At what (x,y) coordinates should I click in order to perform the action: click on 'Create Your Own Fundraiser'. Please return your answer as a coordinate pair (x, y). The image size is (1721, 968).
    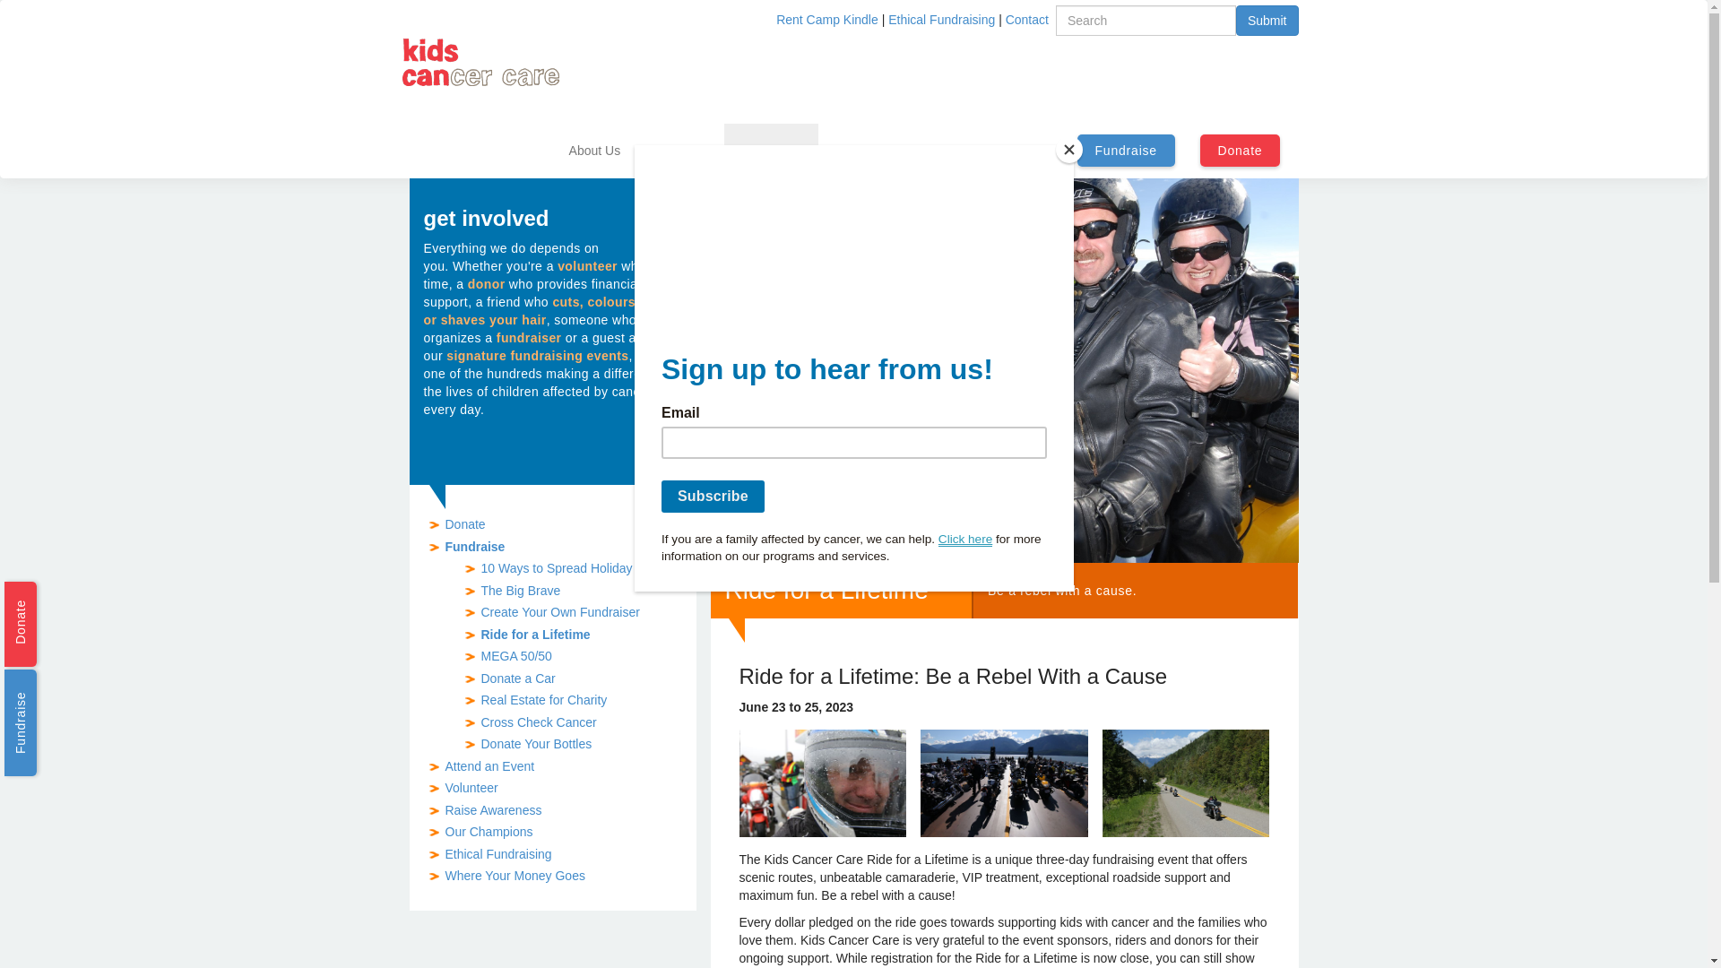
    Looking at the image, I should click on (558, 610).